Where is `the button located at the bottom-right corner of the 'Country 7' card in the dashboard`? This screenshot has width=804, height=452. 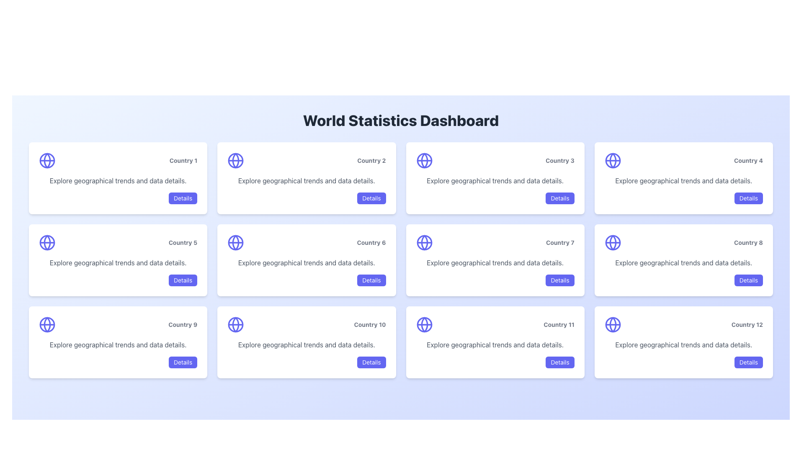
the button located at the bottom-right corner of the 'Country 7' card in the dashboard is located at coordinates (560, 280).